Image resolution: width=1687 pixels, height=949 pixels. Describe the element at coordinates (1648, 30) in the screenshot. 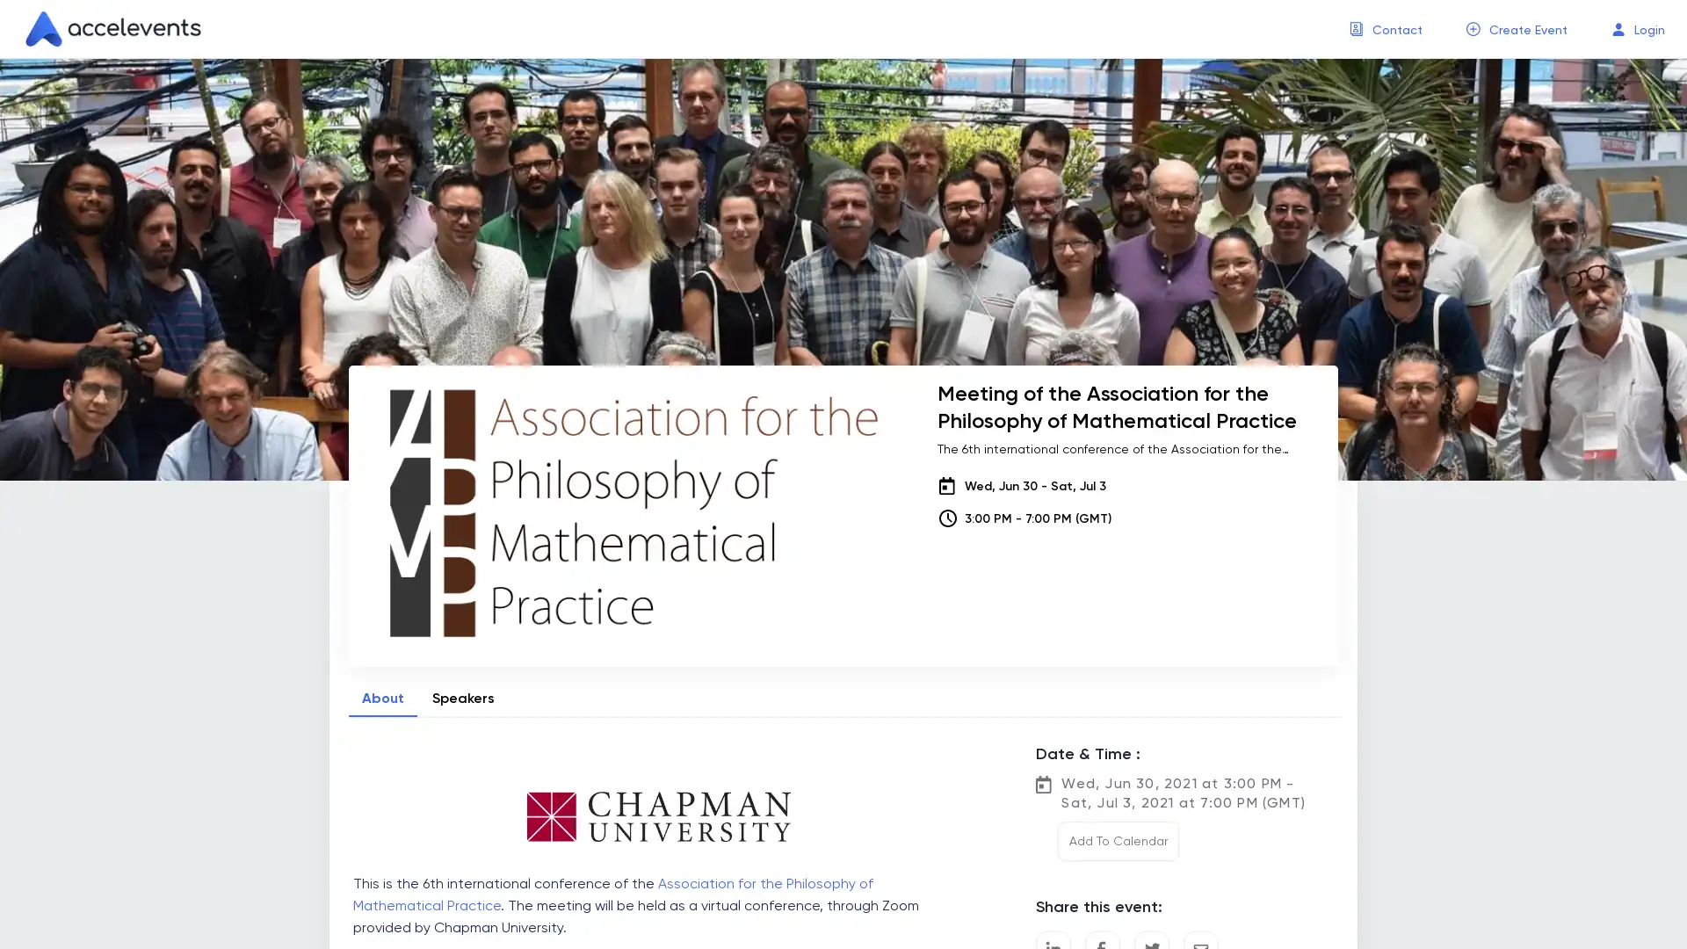

I see `Login` at that location.